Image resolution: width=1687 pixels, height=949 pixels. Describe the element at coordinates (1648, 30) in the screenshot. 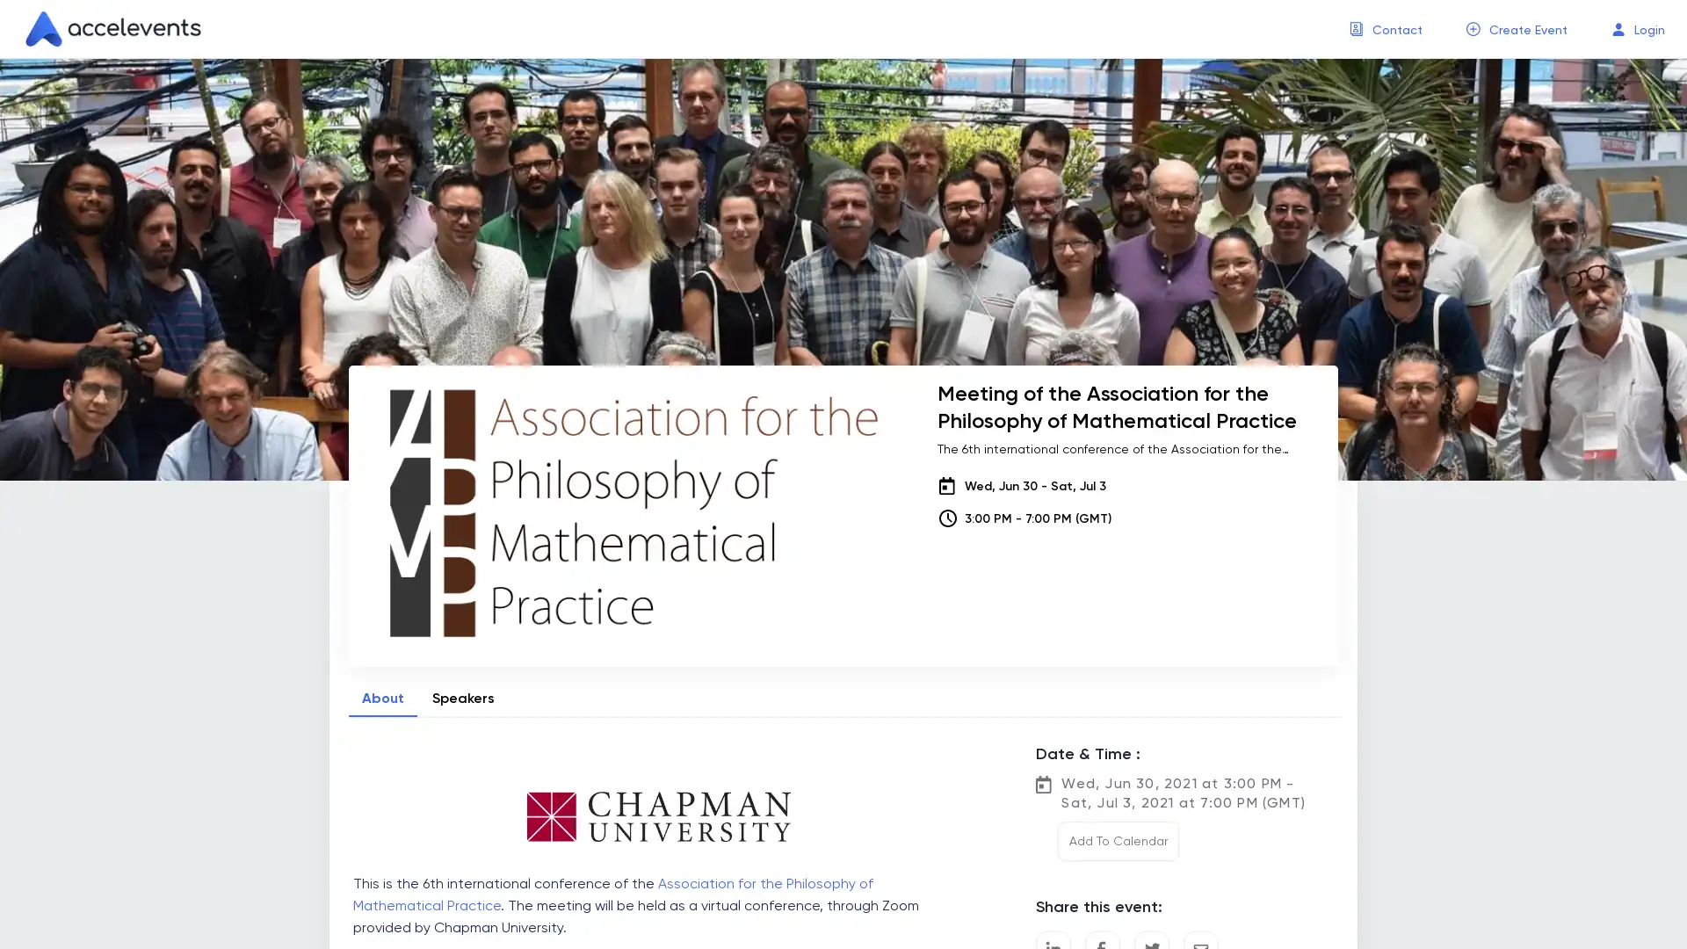

I see `Login` at that location.